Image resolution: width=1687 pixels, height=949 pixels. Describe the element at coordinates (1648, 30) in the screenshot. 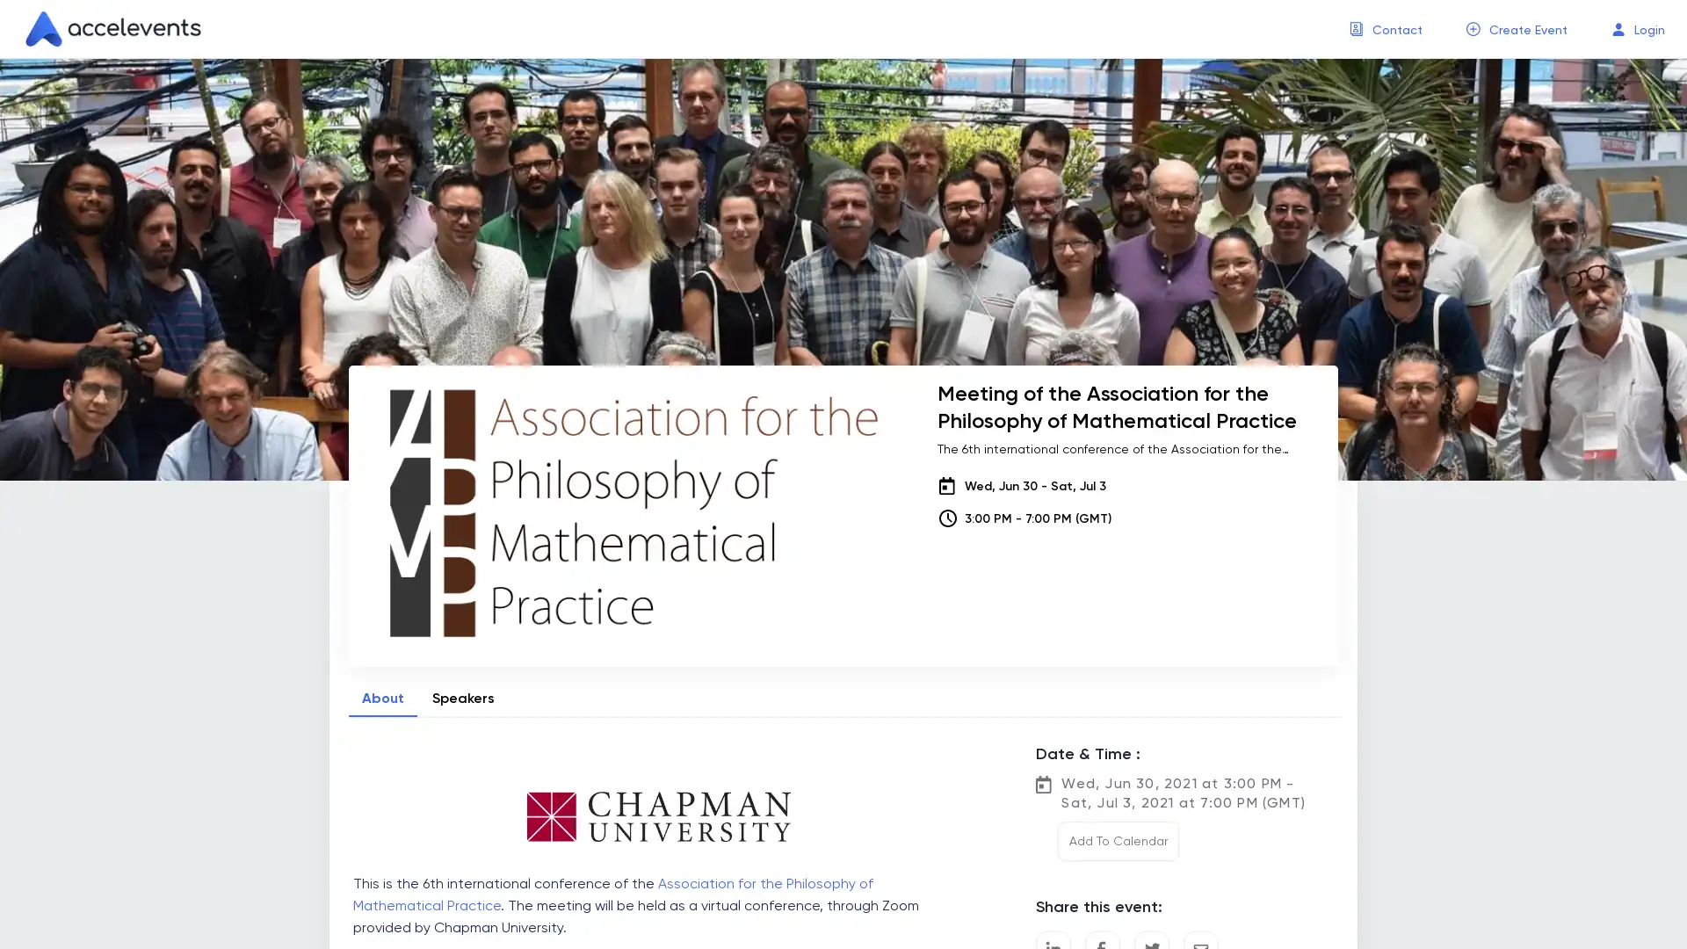

I see `Login` at that location.